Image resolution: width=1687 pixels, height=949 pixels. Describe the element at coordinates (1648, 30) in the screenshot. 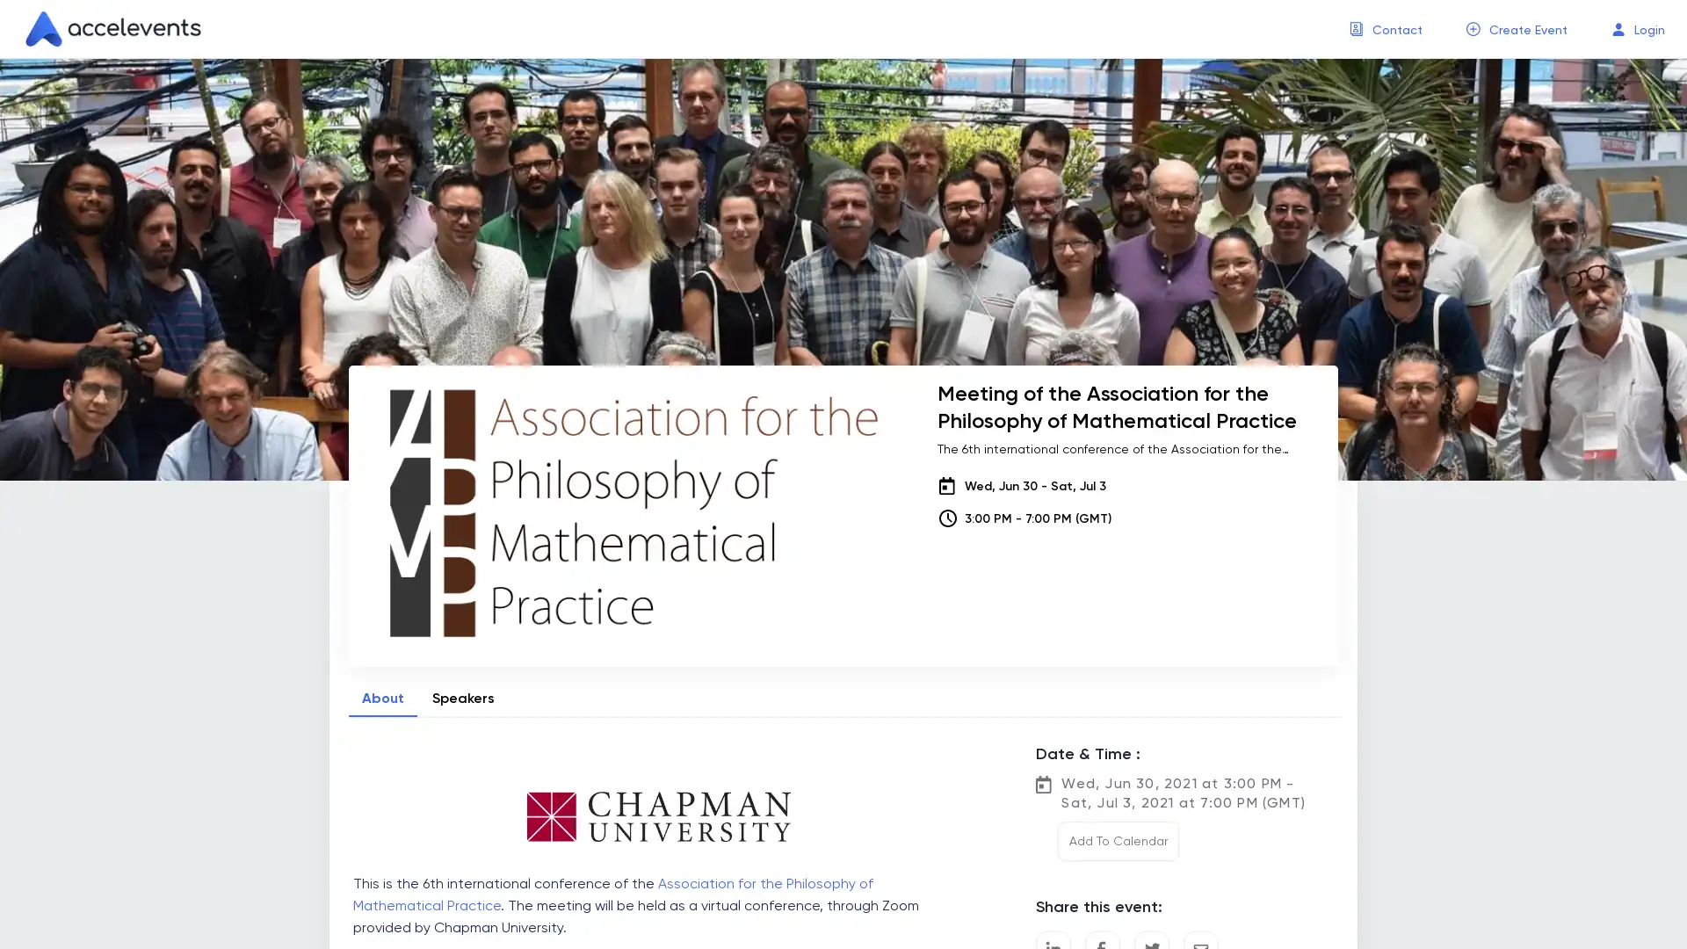

I see `Login` at that location.